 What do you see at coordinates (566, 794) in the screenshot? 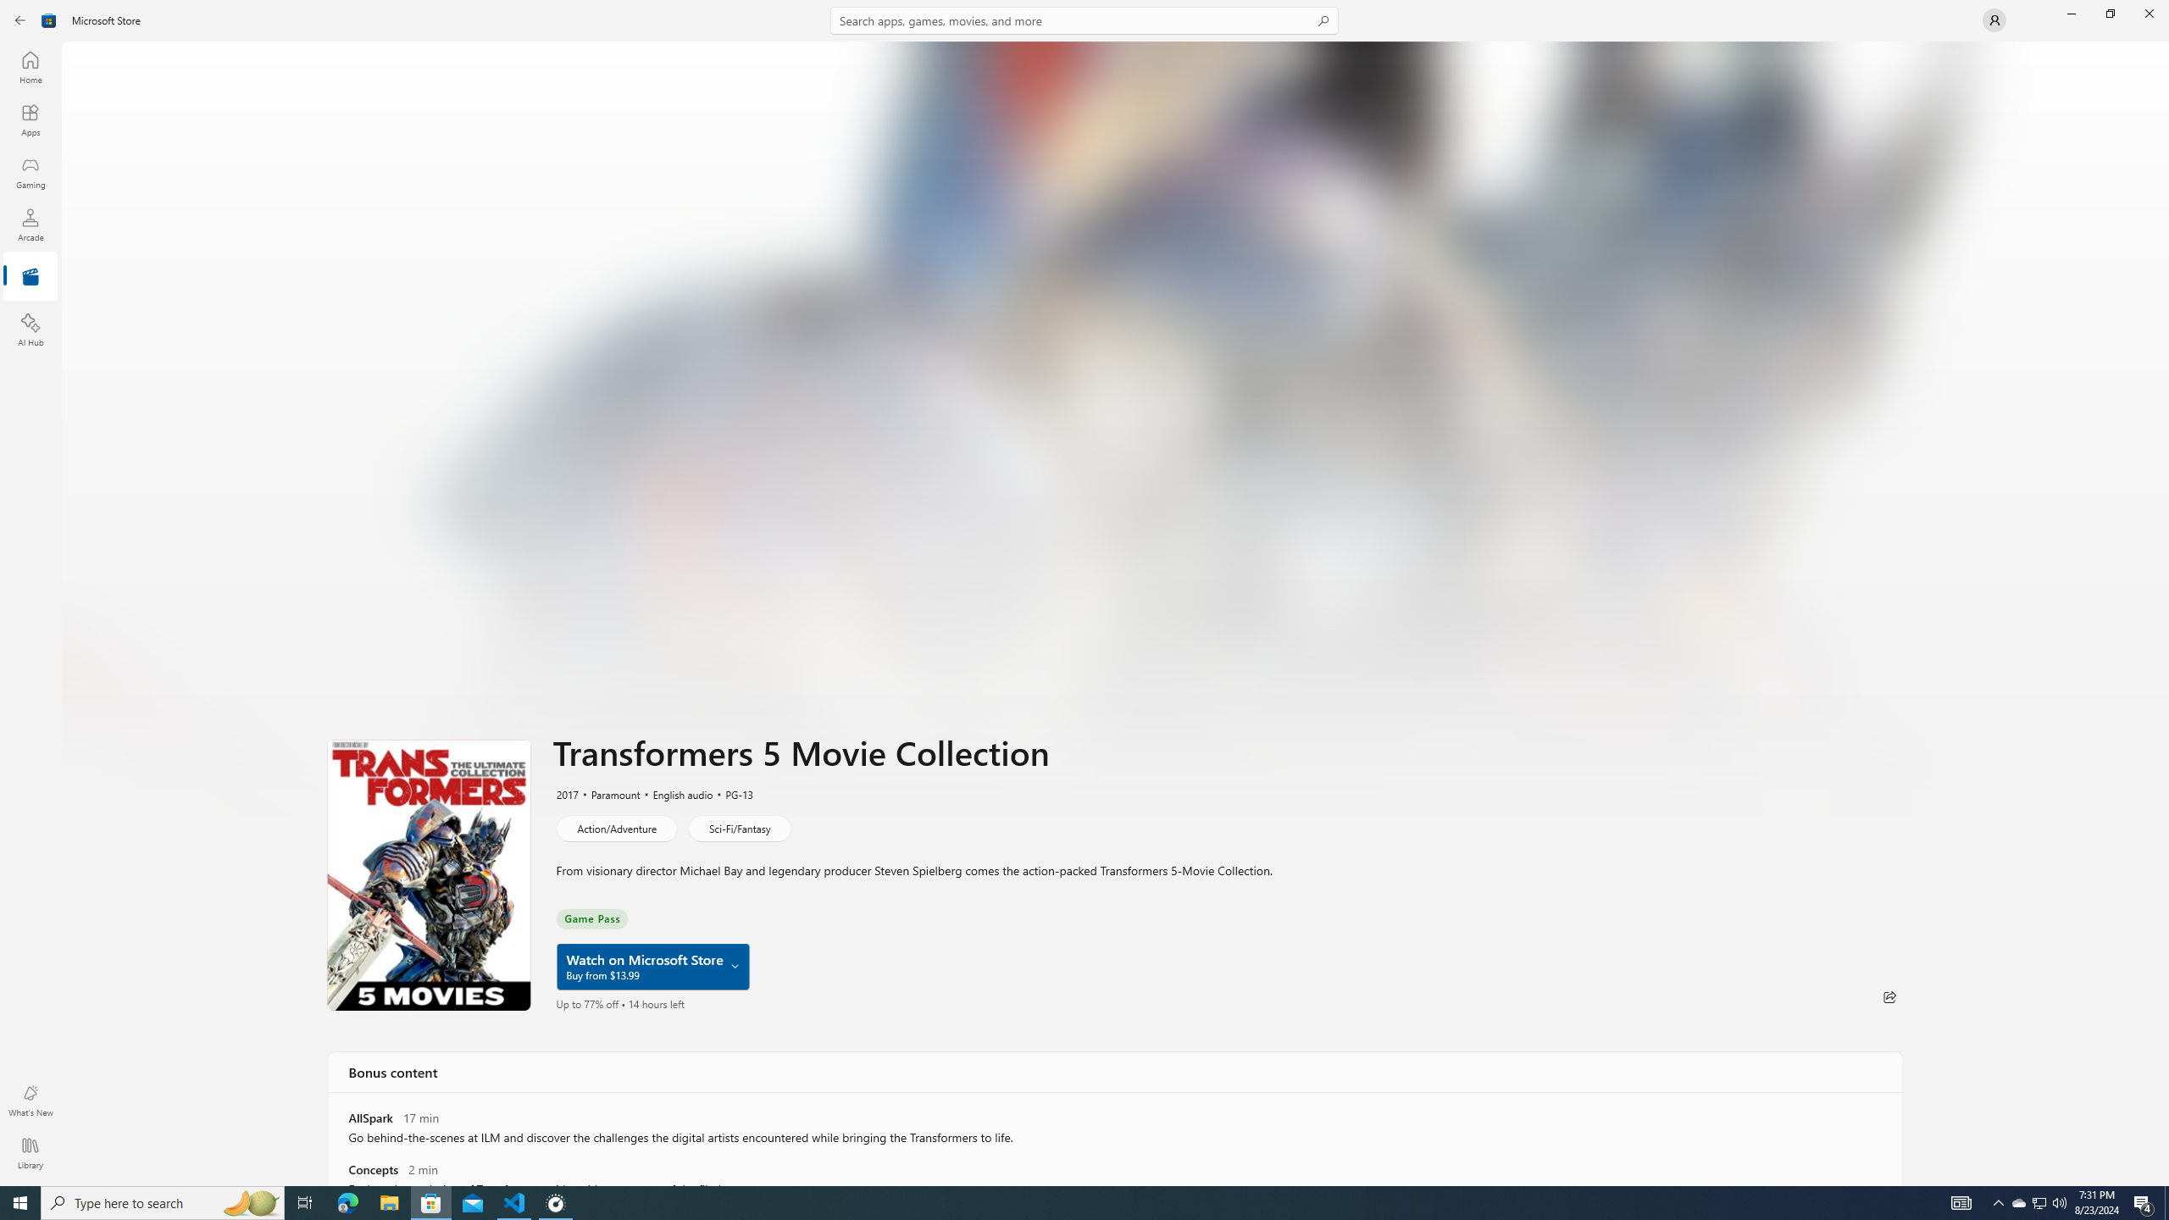
I see `'2017'` at bounding box center [566, 794].